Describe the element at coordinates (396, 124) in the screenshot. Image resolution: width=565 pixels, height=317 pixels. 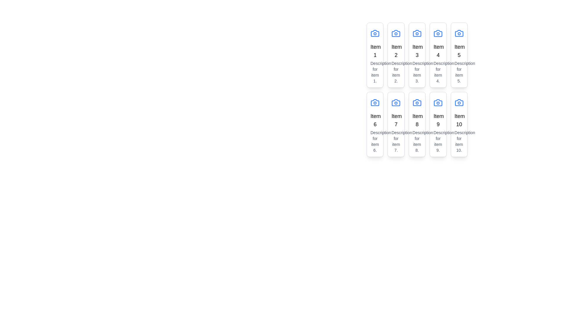
I see `the Card Component representing 'Item 7', which is located in the second row and second column of the grid layout` at that location.